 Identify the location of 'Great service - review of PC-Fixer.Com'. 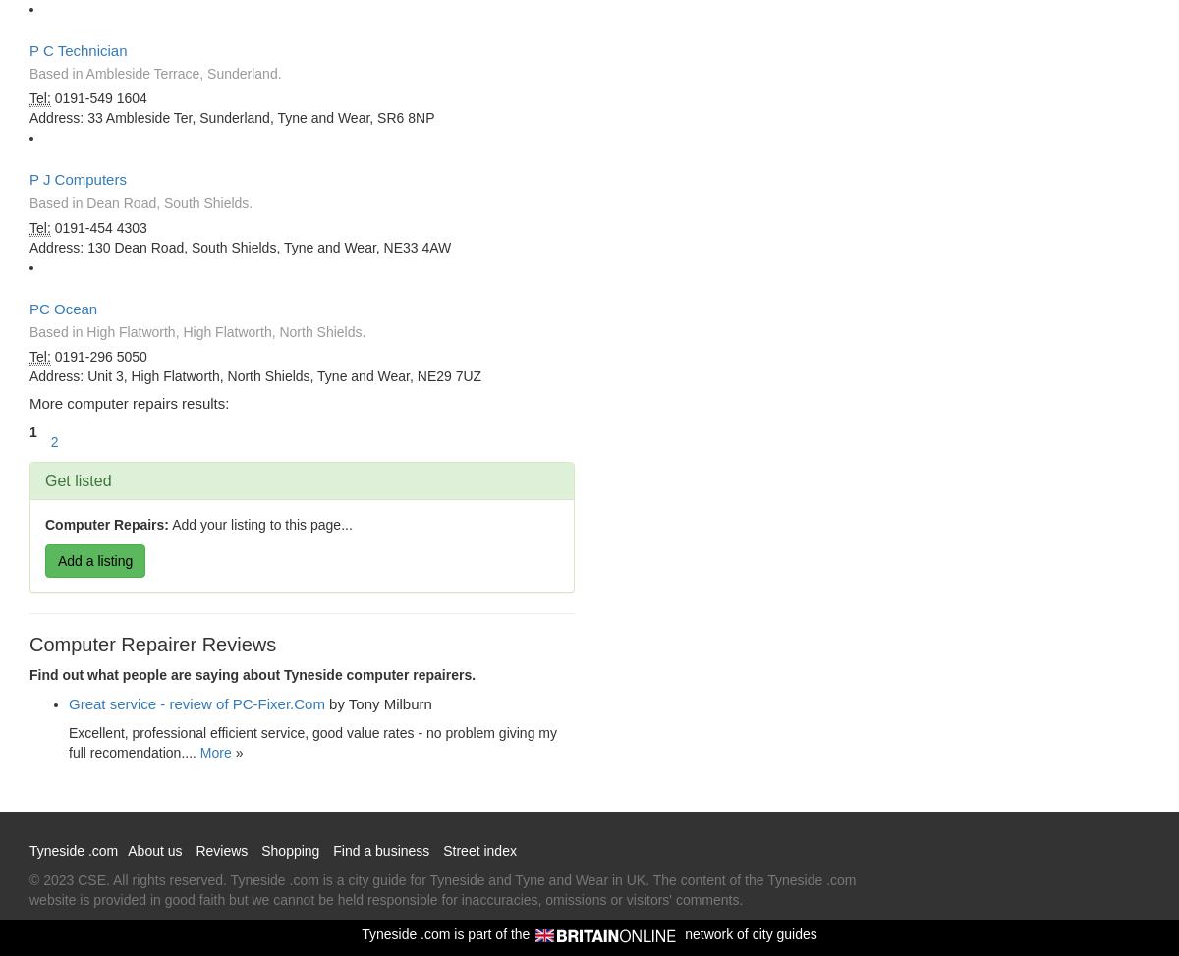
(196, 703).